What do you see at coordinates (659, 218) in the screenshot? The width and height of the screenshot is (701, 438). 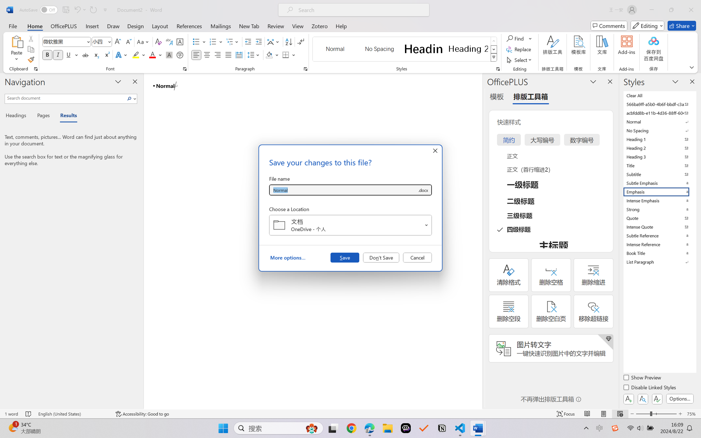 I see `'Quote'` at bounding box center [659, 218].